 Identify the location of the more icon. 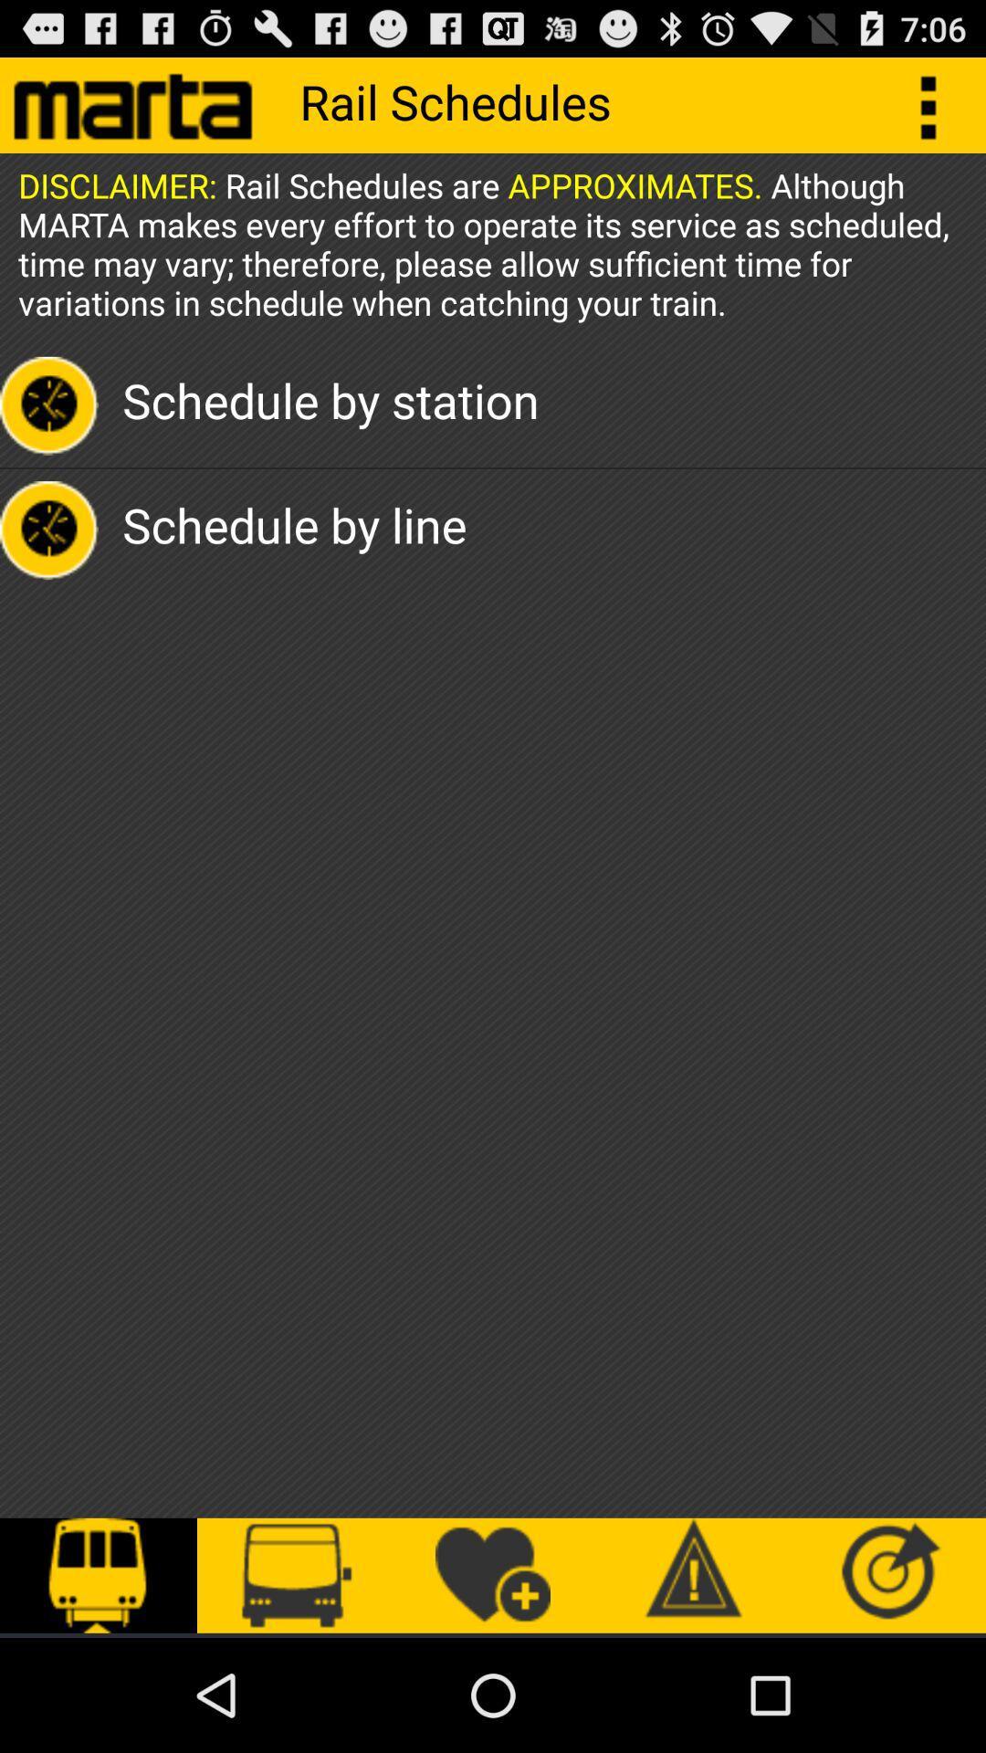
(938, 111).